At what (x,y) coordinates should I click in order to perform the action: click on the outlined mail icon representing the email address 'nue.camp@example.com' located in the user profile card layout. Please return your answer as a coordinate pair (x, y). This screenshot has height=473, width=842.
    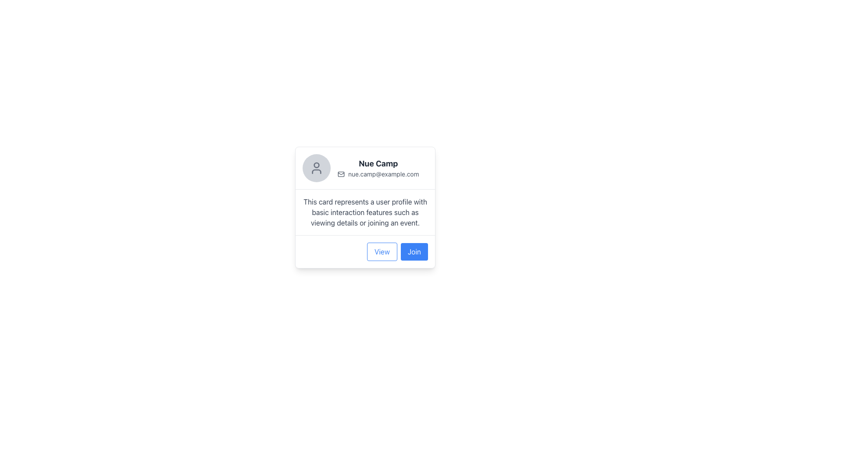
    Looking at the image, I should click on (340, 174).